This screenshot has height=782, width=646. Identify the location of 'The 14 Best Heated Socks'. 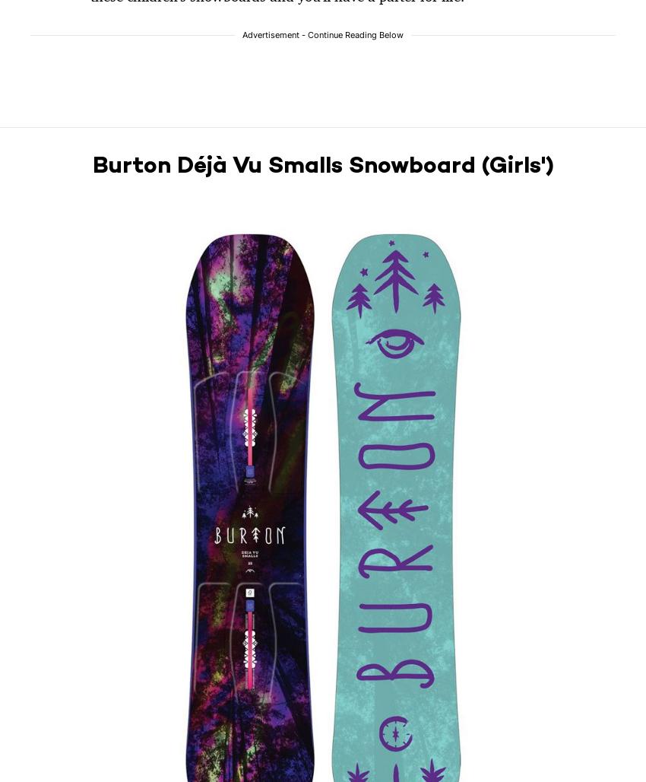
(545, 371).